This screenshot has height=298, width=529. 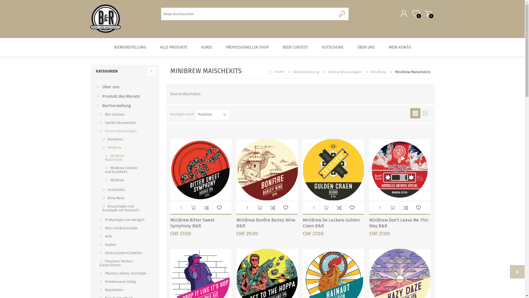 What do you see at coordinates (279, 71) in the screenshot?
I see `'Home'` at bounding box center [279, 71].